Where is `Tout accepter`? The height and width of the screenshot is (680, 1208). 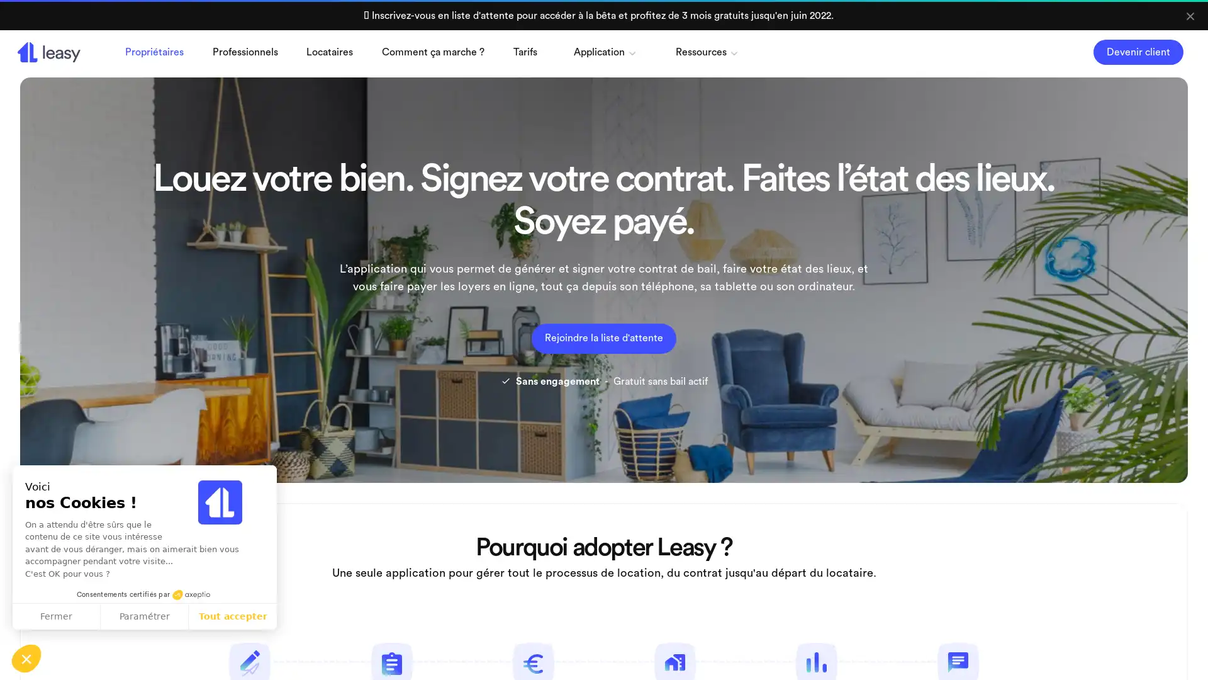 Tout accepter is located at coordinates (232, 616).